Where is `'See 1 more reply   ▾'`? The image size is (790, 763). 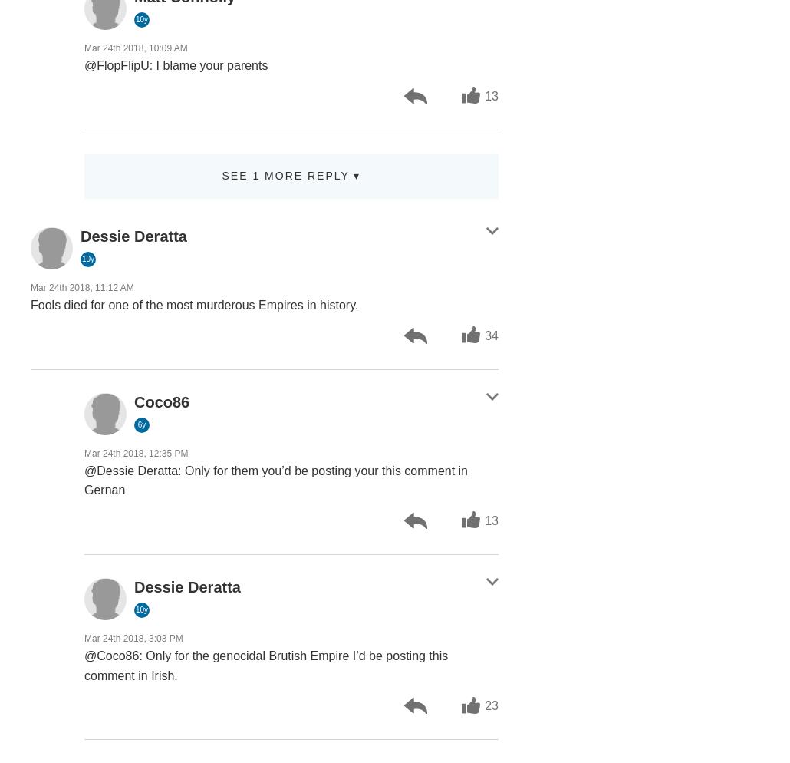
'See 1 more reply   ▾' is located at coordinates (221, 175).